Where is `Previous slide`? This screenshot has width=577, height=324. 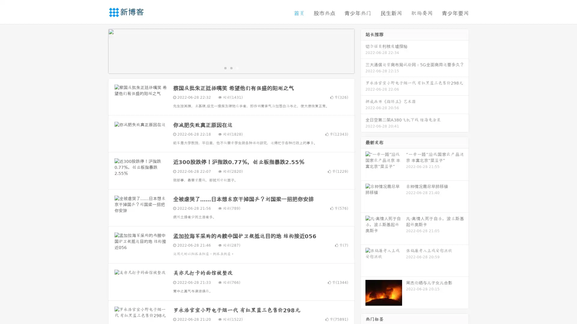 Previous slide is located at coordinates (99, 50).